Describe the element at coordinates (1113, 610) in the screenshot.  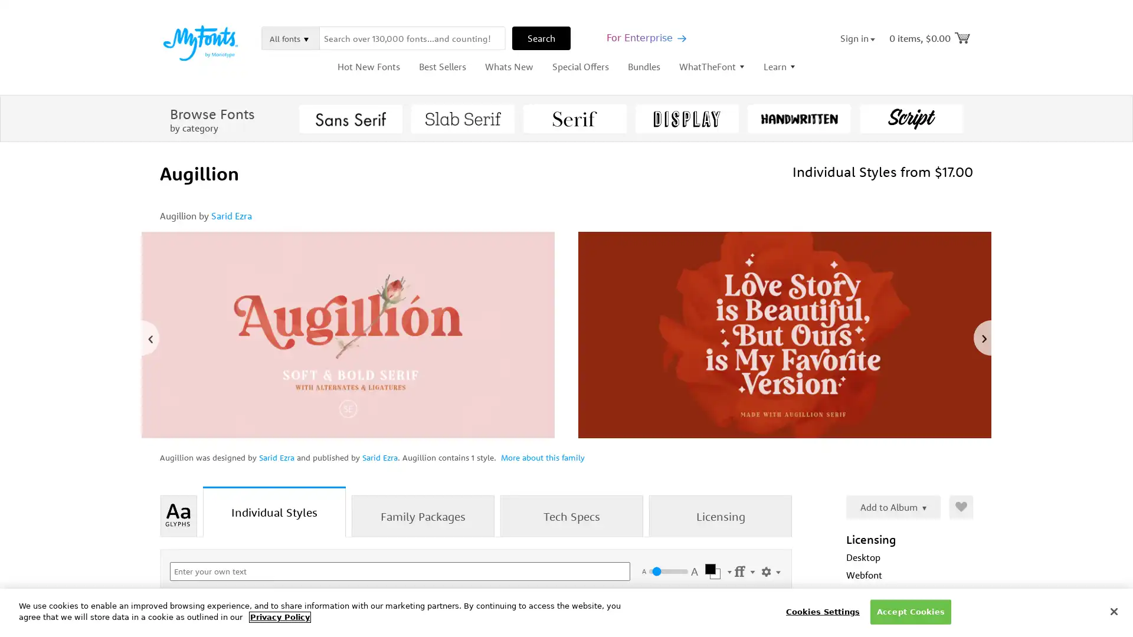
I see `Close` at that location.